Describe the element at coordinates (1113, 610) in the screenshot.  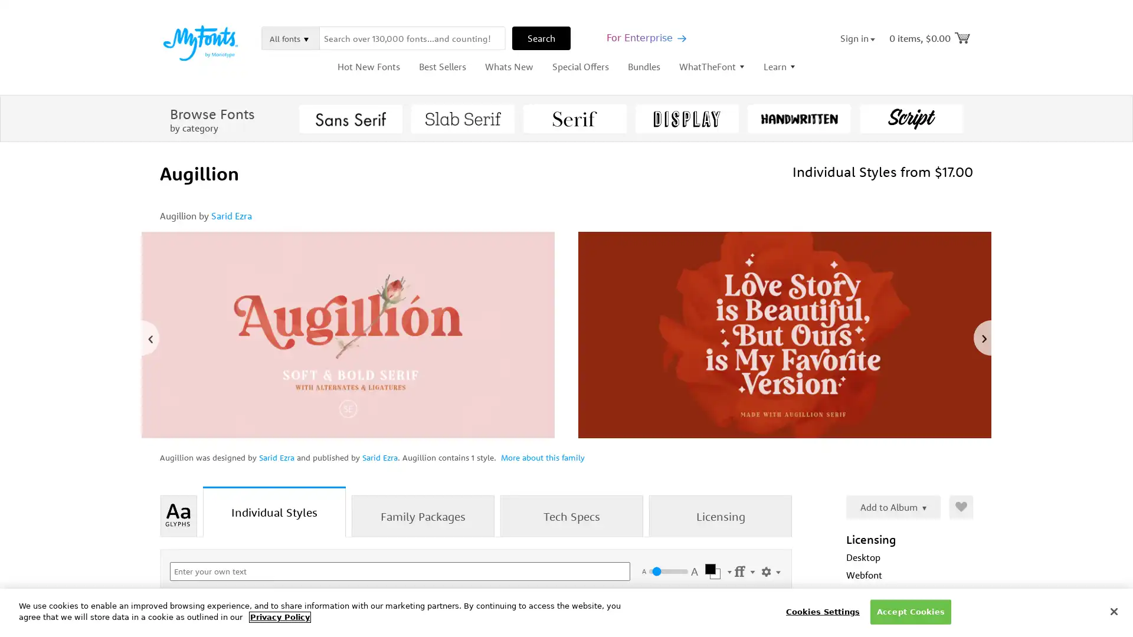
I see `Close` at that location.